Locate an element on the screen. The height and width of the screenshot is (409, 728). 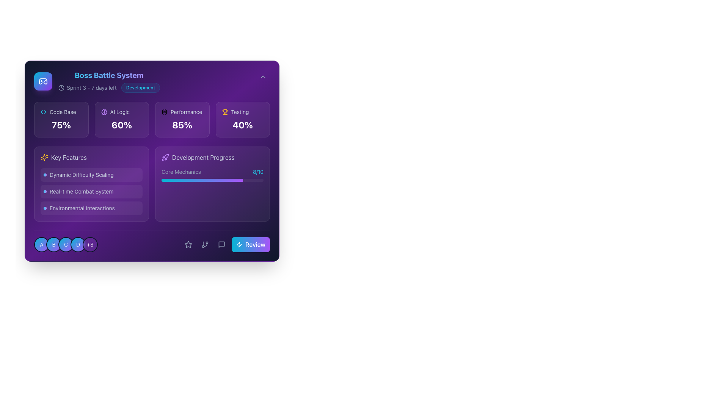
the circular badge with a gradient background from cyan to purple, containing a white capital letter 'C' and outlined with a black border, positioned third from the left in a row of five badges is located at coordinates (66, 244).